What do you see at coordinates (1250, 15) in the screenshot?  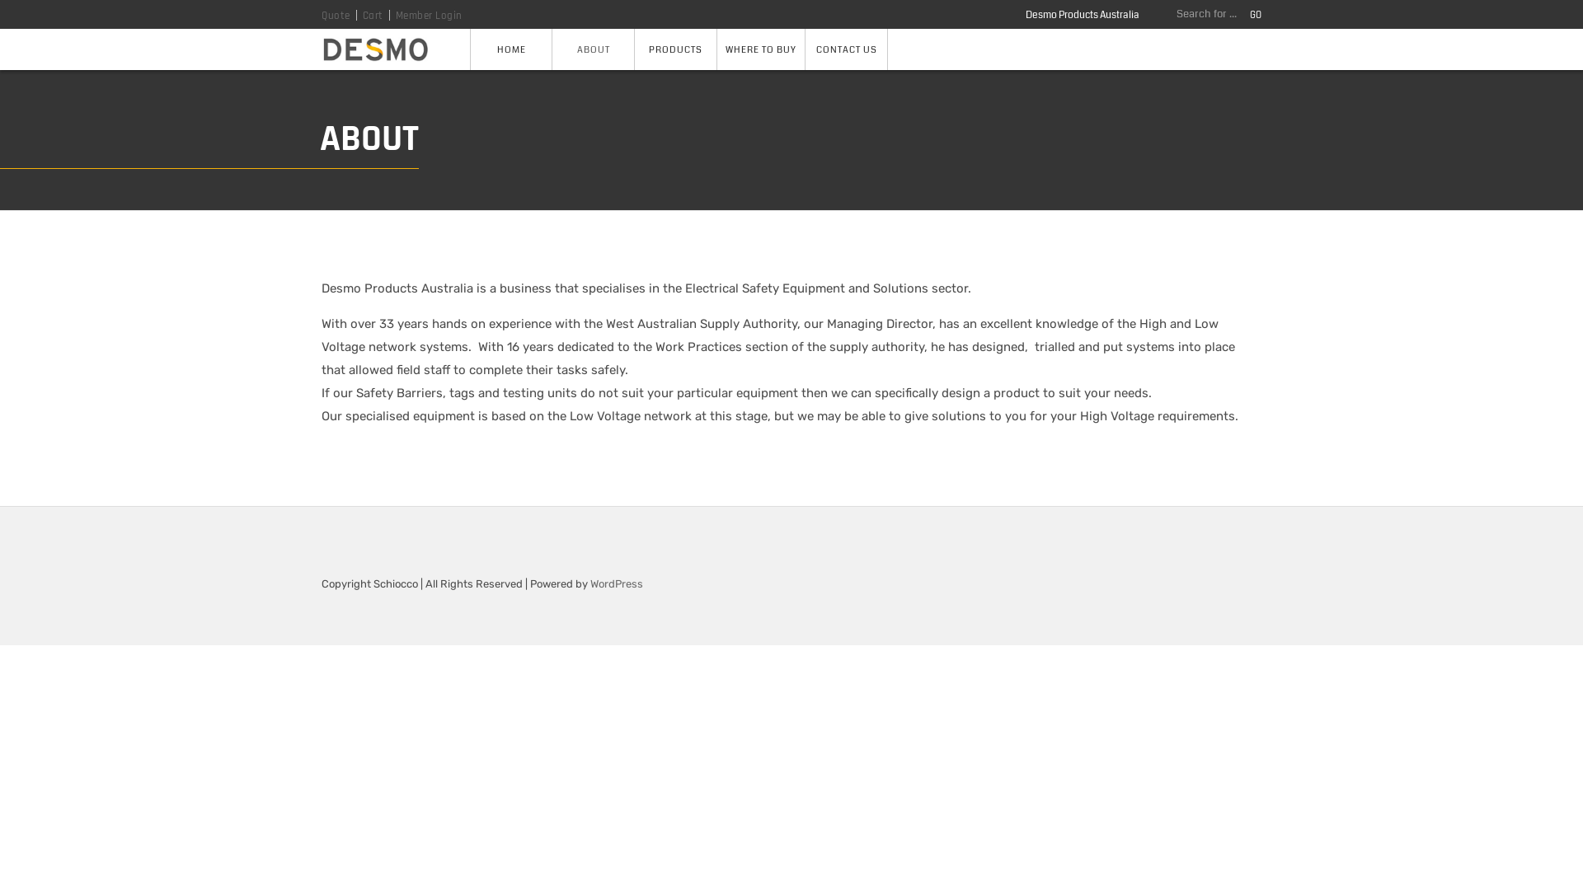 I see `'GO'` at bounding box center [1250, 15].